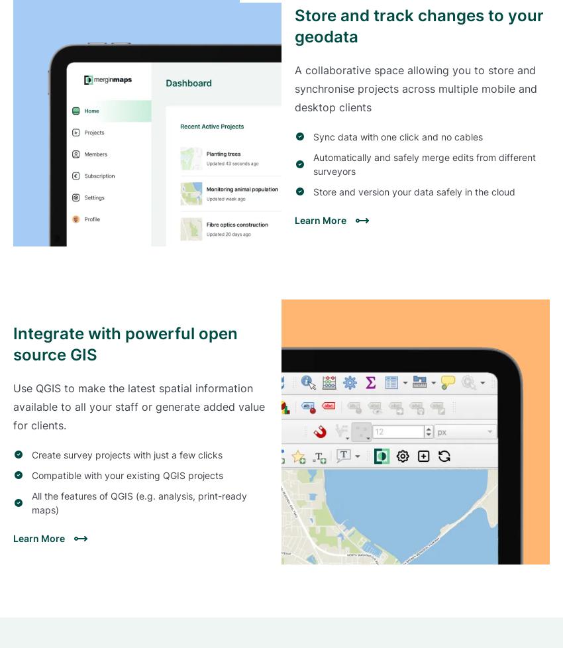 This screenshot has height=648, width=563. What do you see at coordinates (127, 454) in the screenshot?
I see `'Create survey projects with just a few clicks'` at bounding box center [127, 454].